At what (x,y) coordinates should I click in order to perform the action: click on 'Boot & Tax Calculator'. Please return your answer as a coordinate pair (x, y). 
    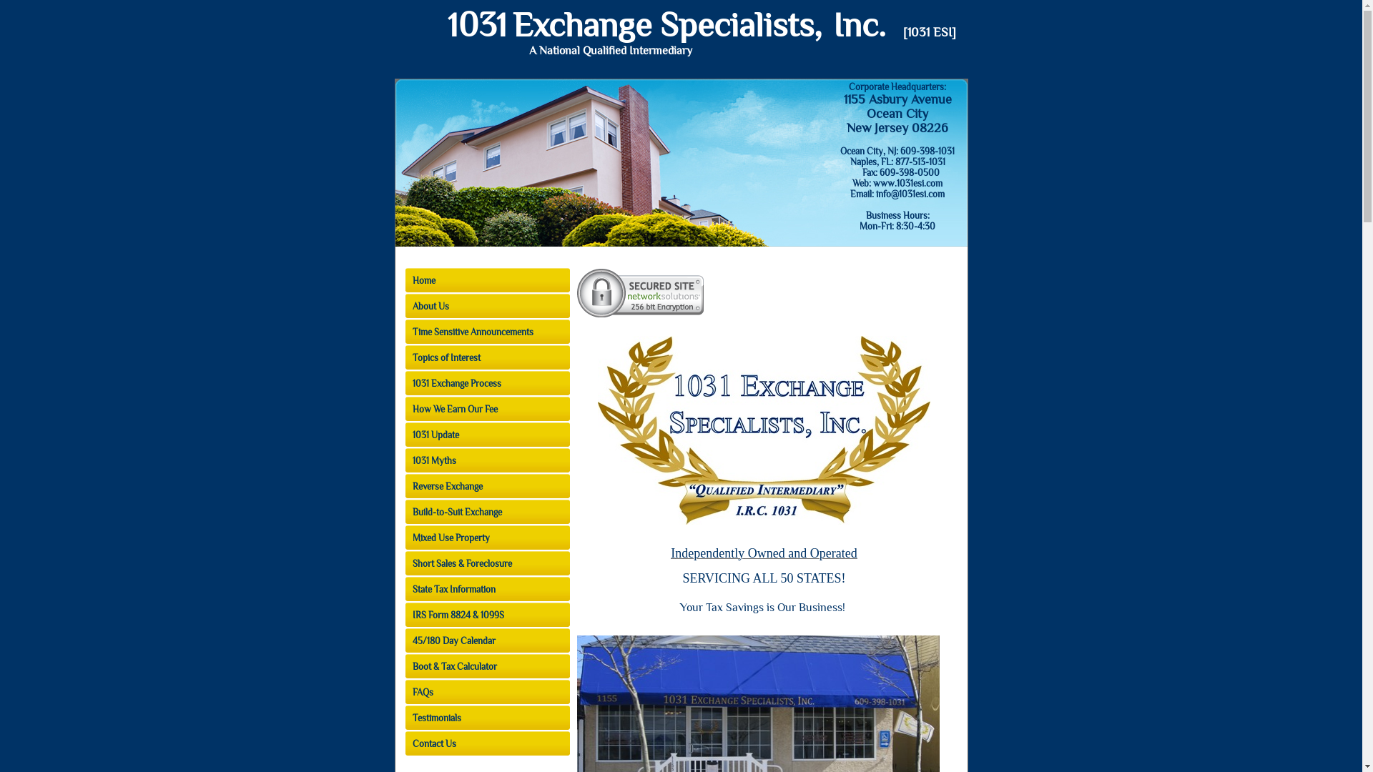
    Looking at the image, I should click on (487, 666).